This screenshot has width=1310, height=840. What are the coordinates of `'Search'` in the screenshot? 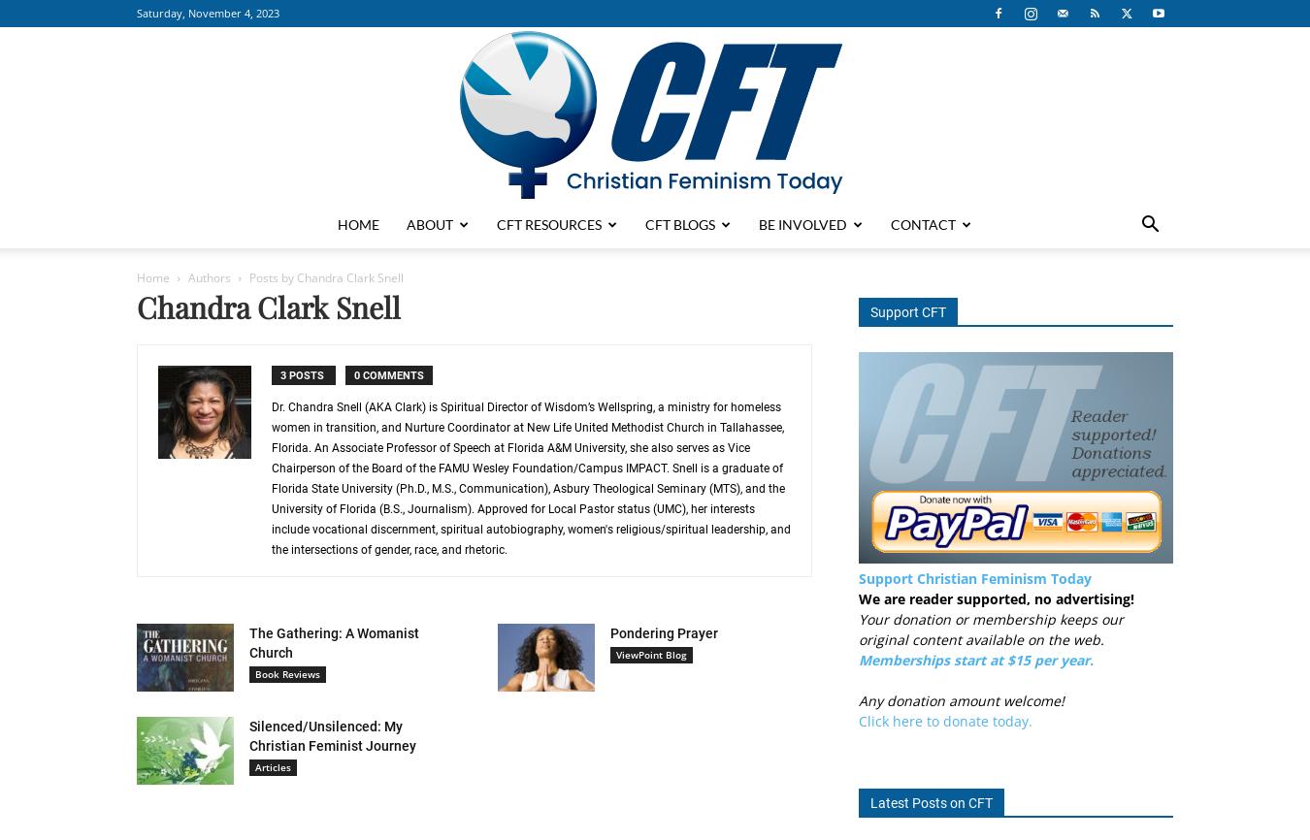 It's located at (654, 97).